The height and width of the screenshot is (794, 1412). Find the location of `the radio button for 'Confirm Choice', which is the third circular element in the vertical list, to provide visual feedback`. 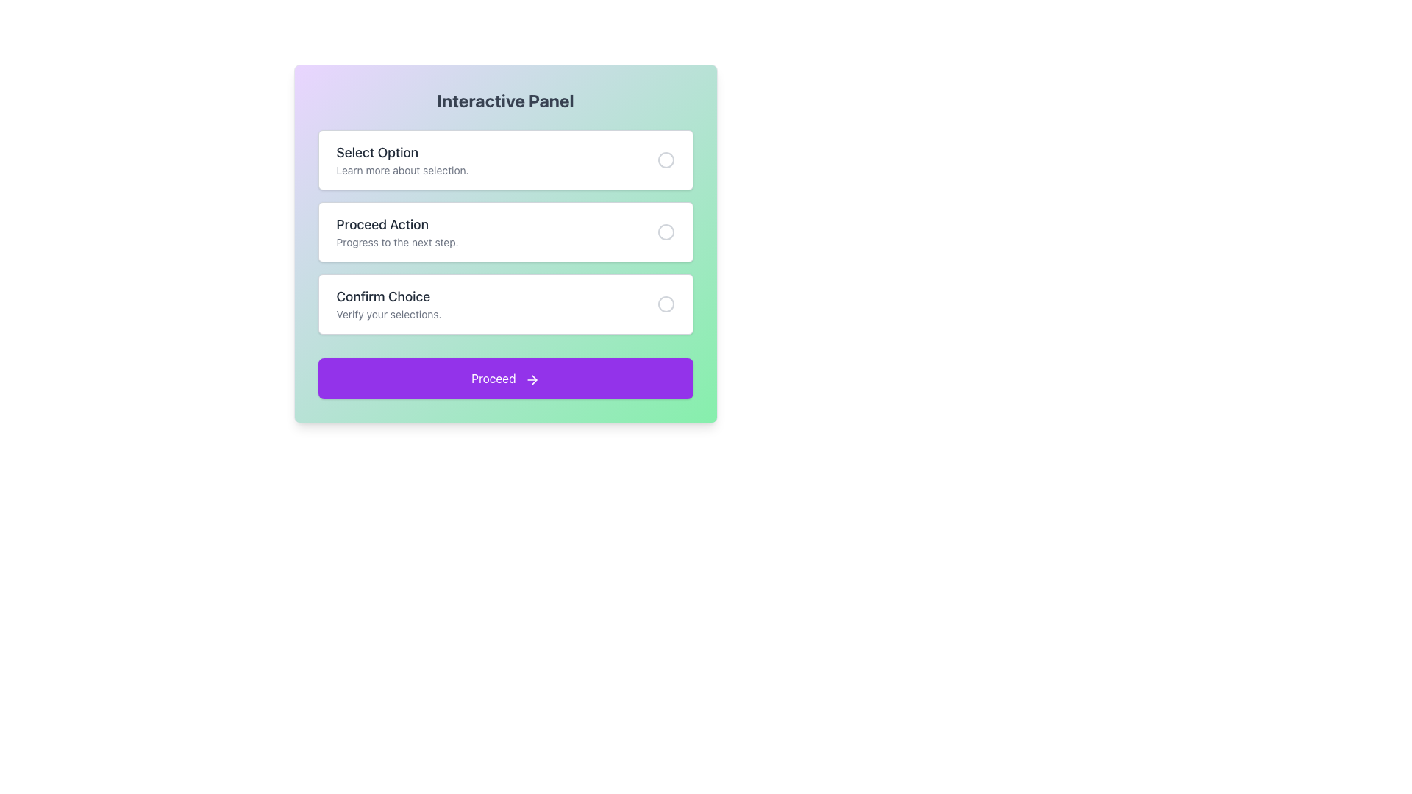

the radio button for 'Confirm Choice', which is the third circular element in the vertical list, to provide visual feedback is located at coordinates (665, 303).